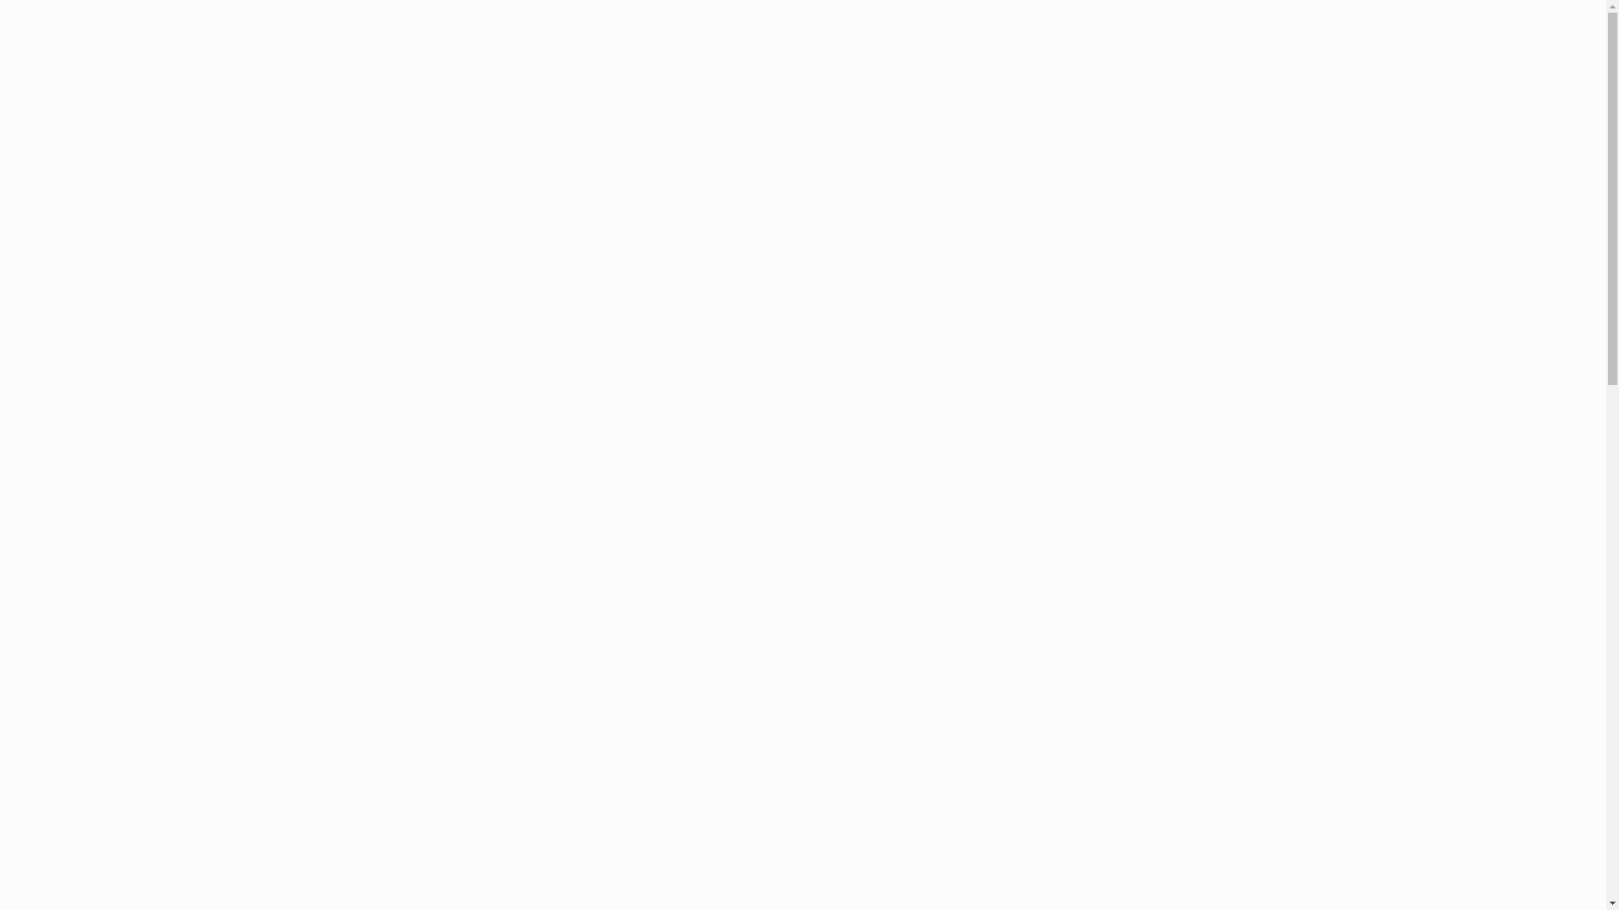 Image resolution: width=1619 pixels, height=910 pixels. Describe the element at coordinates (880, 50) in the screenshot. I see `'Pays dans le Pays'` at that location.